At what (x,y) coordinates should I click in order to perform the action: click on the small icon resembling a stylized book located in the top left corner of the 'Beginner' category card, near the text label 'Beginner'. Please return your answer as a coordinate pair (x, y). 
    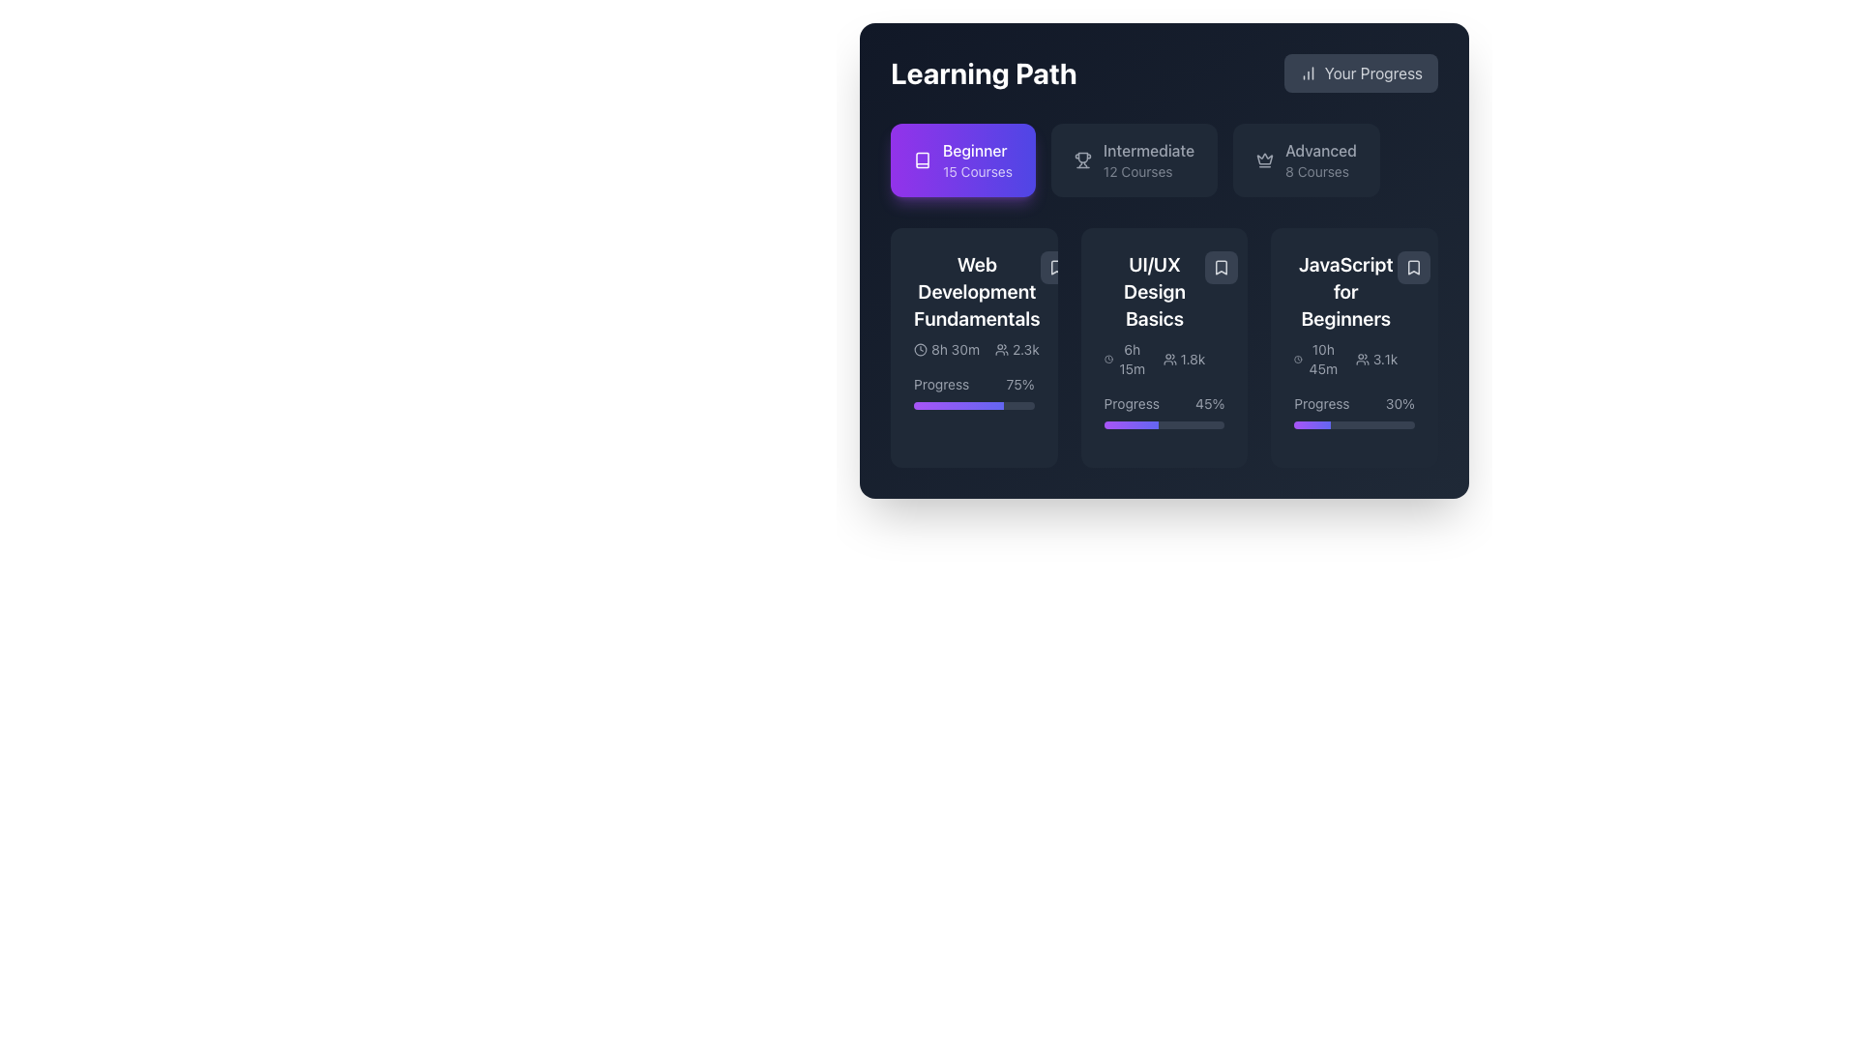
    Looking at the image, I should click on (922, 159).